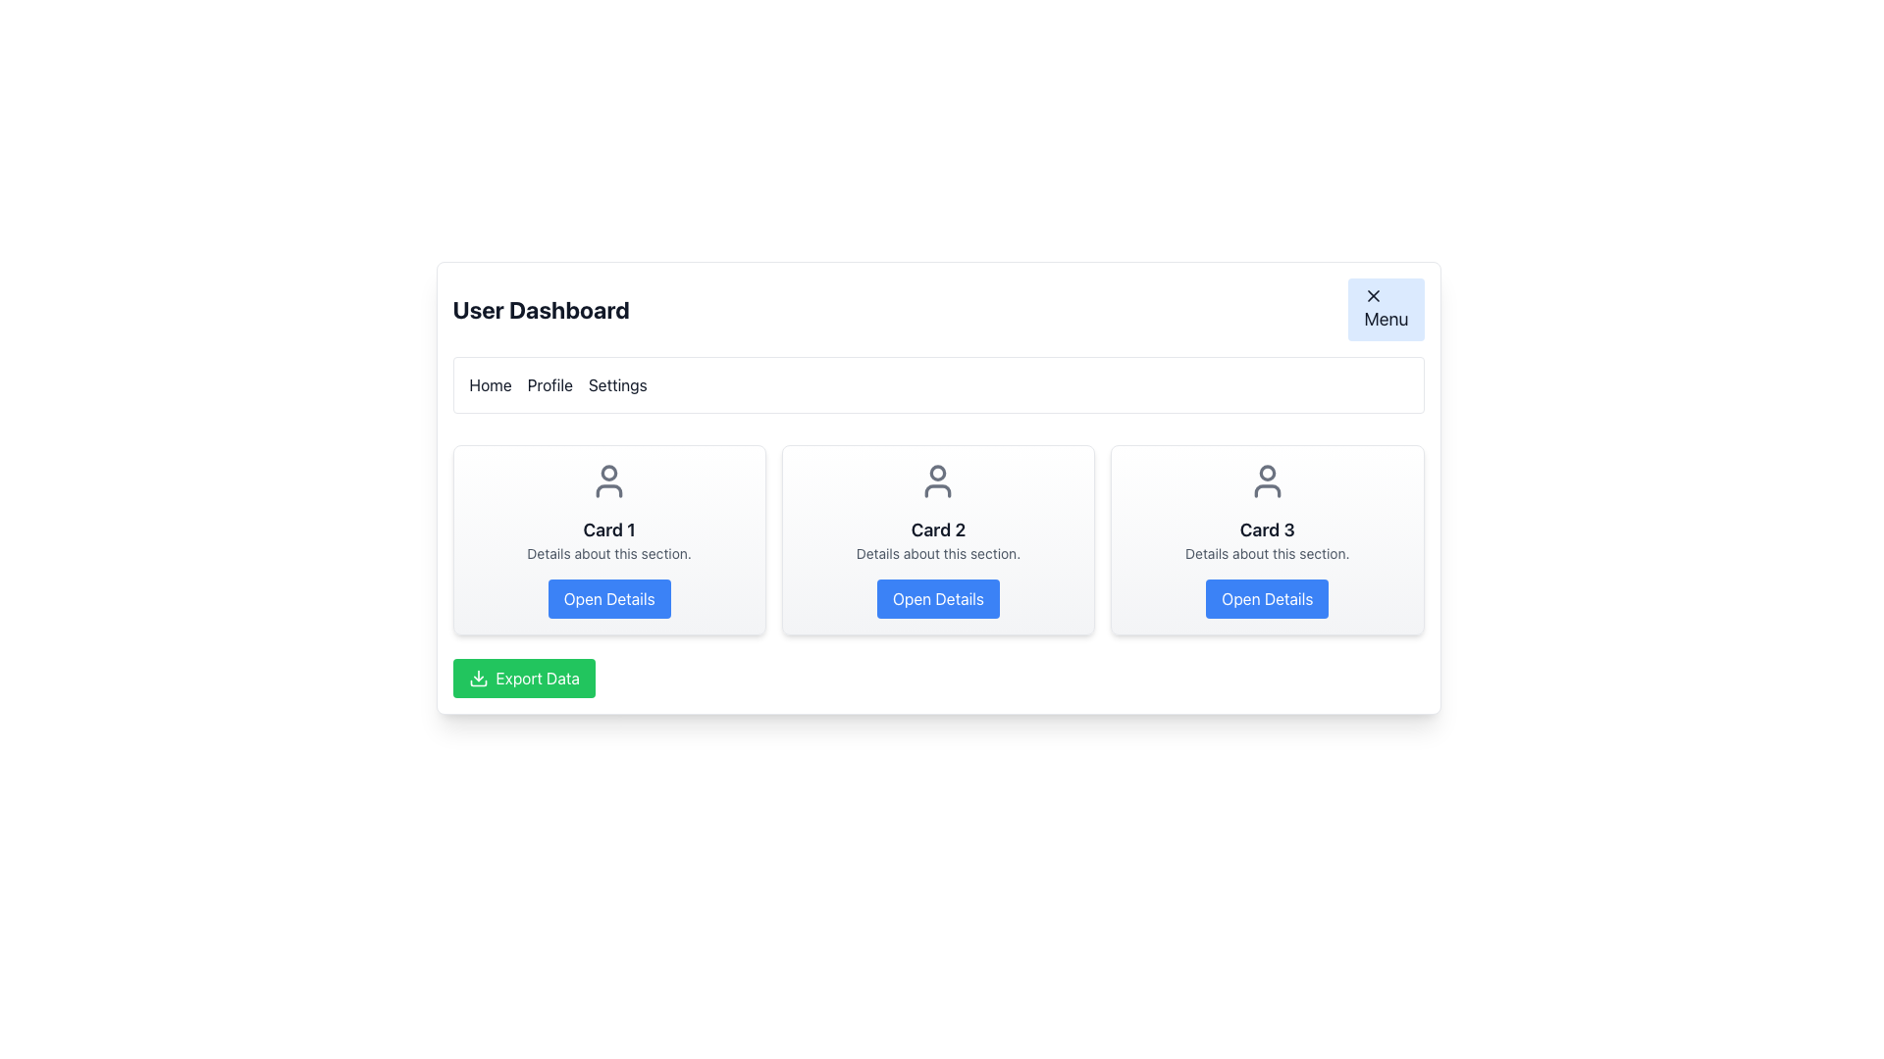 This screenshot has width=1884, height=1059. I want to click on the light blue button labeled 'Menu' with a black 'X' icon, so click(1385, 309).